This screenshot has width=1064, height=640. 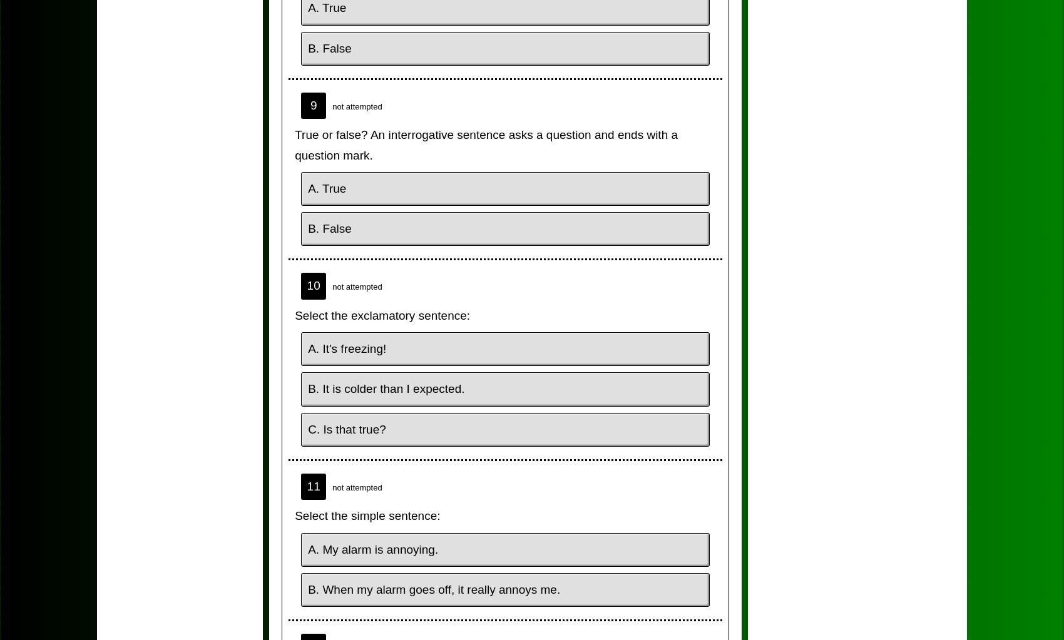 What do you see at coordinates (486, 144) in the screenshot?
I see `'True or false? An interrogative sentence asks a question and ends with a question mark.'` at bounding box center [486, 144].